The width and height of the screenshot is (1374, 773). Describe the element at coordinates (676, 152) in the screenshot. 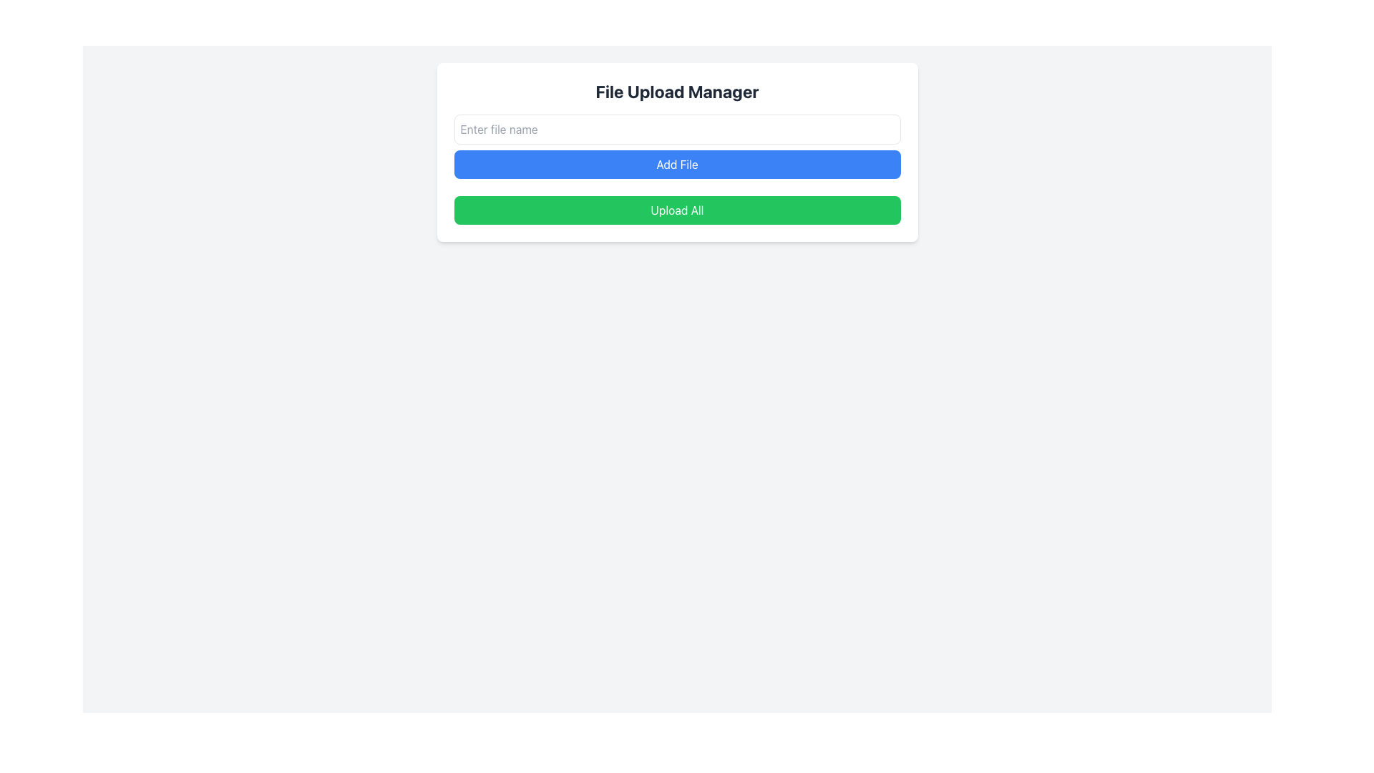

I see `the button that adds a file to a list or queue, located centrally beneath the file name input field` at that location.